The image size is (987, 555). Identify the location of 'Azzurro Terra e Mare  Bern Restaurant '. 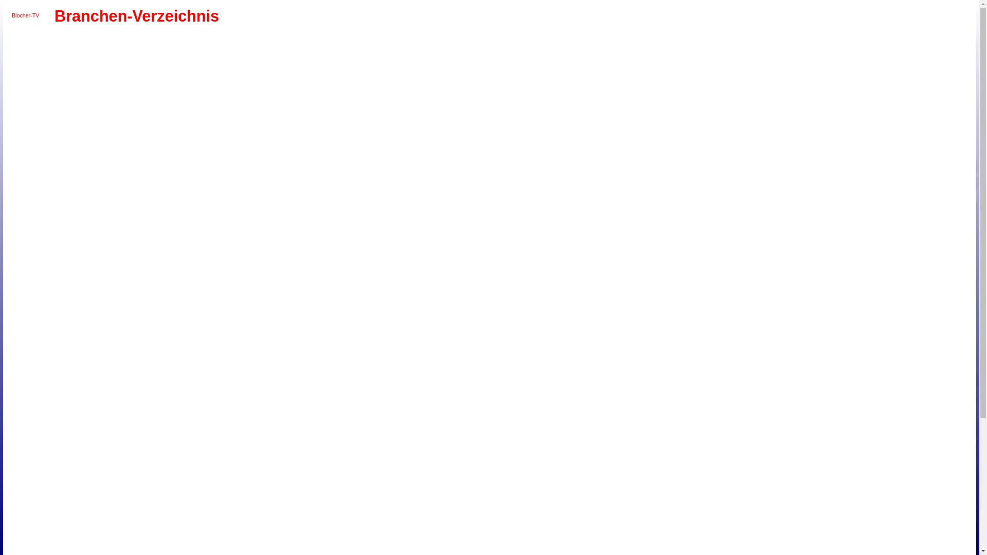
(96, 41).